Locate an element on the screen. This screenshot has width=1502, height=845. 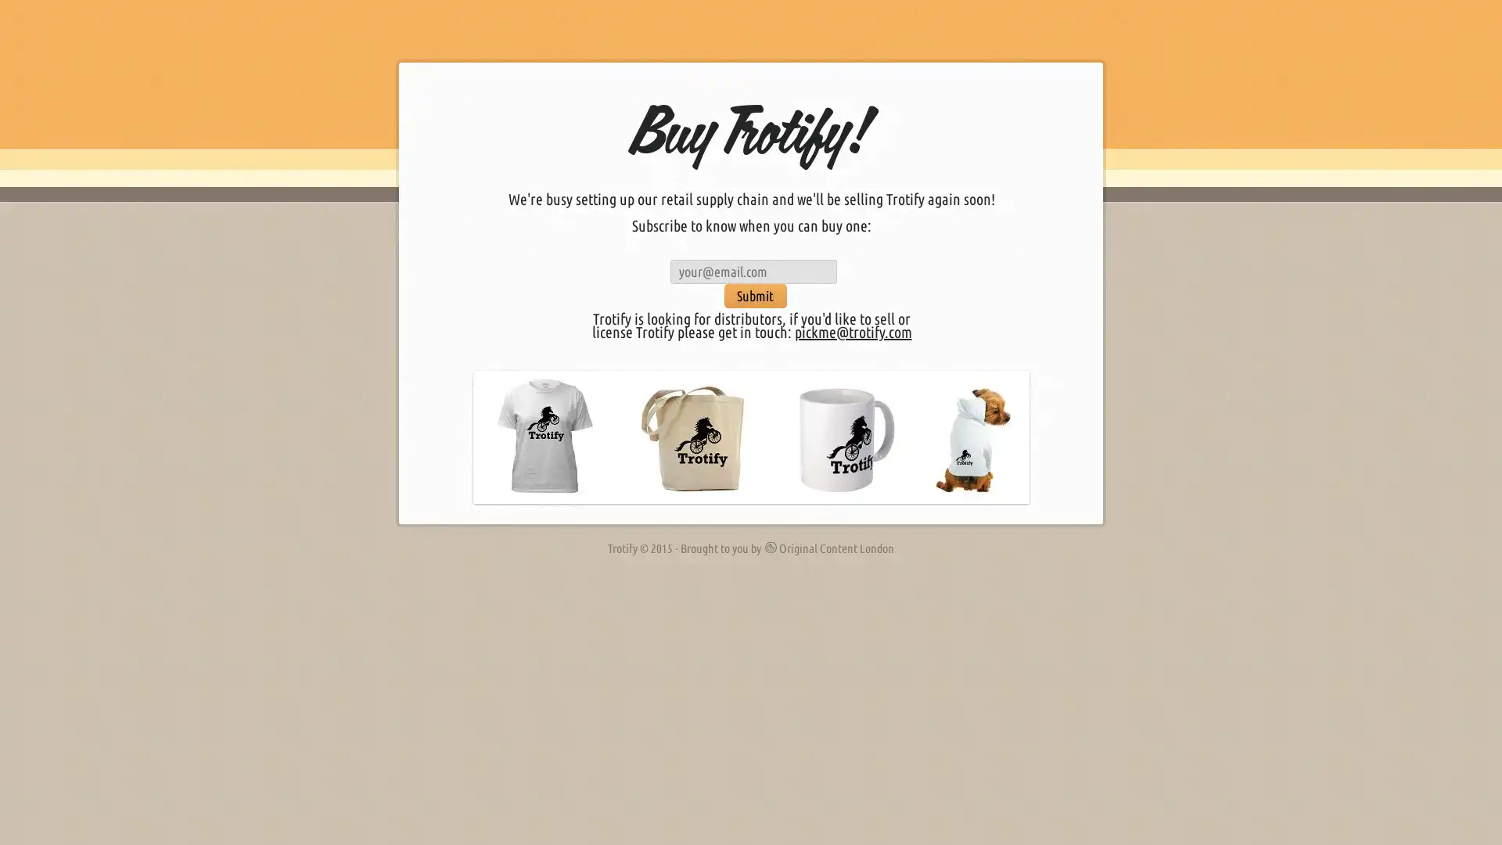
Submit is located at coordinates (754, 296).